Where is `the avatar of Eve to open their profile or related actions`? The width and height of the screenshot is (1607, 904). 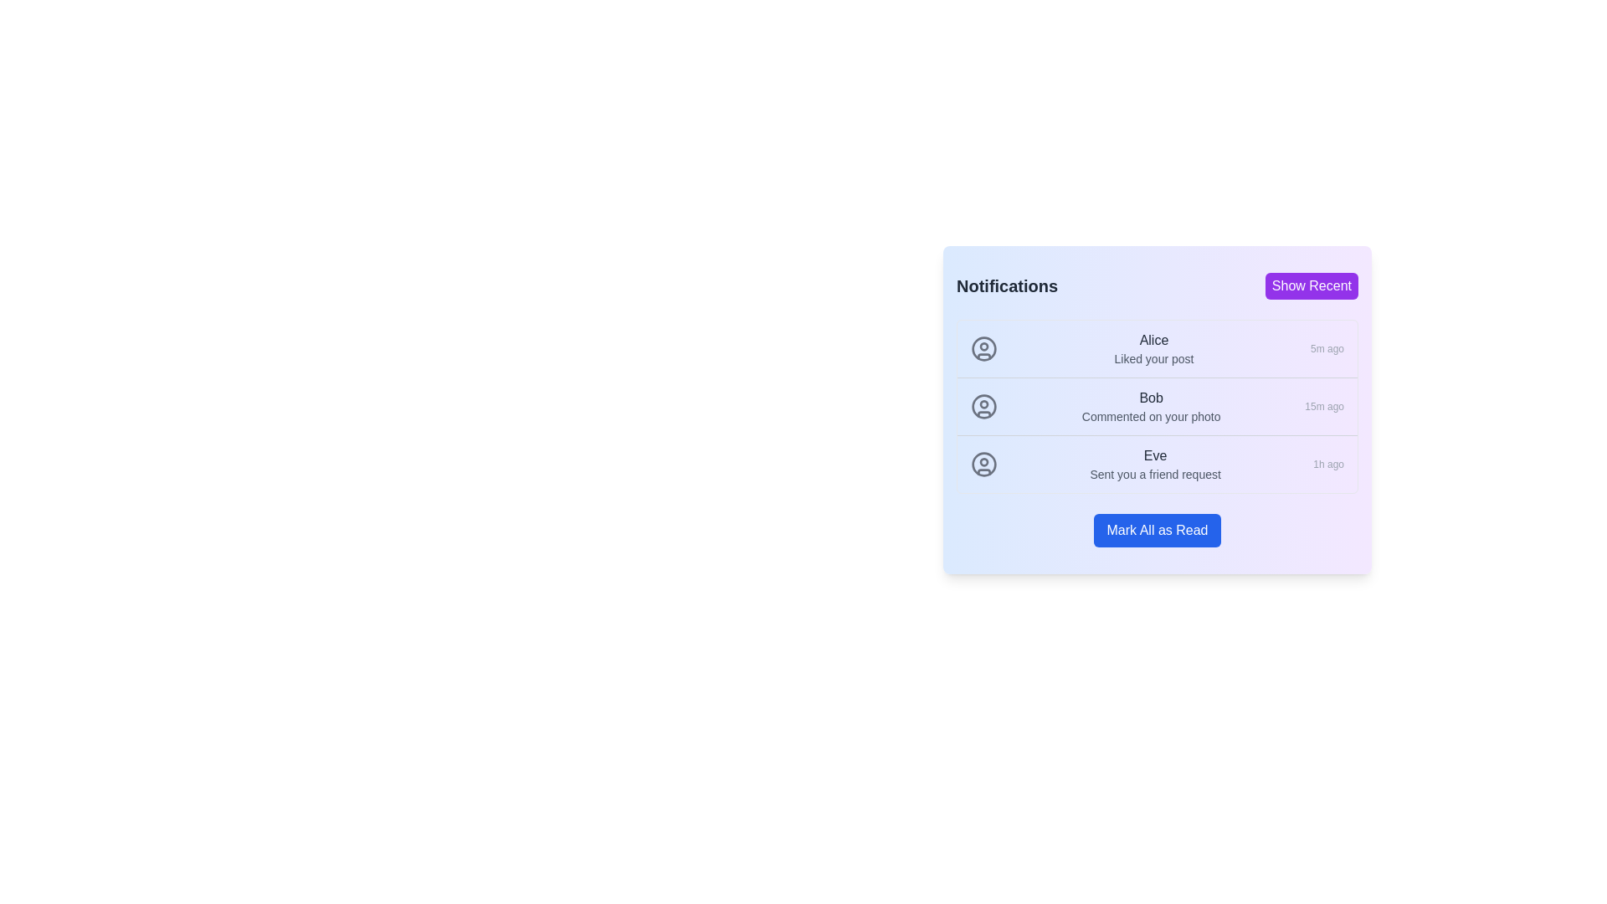
the avatar of Eve to open their profile or related actions is located at coordinates (984, 465).